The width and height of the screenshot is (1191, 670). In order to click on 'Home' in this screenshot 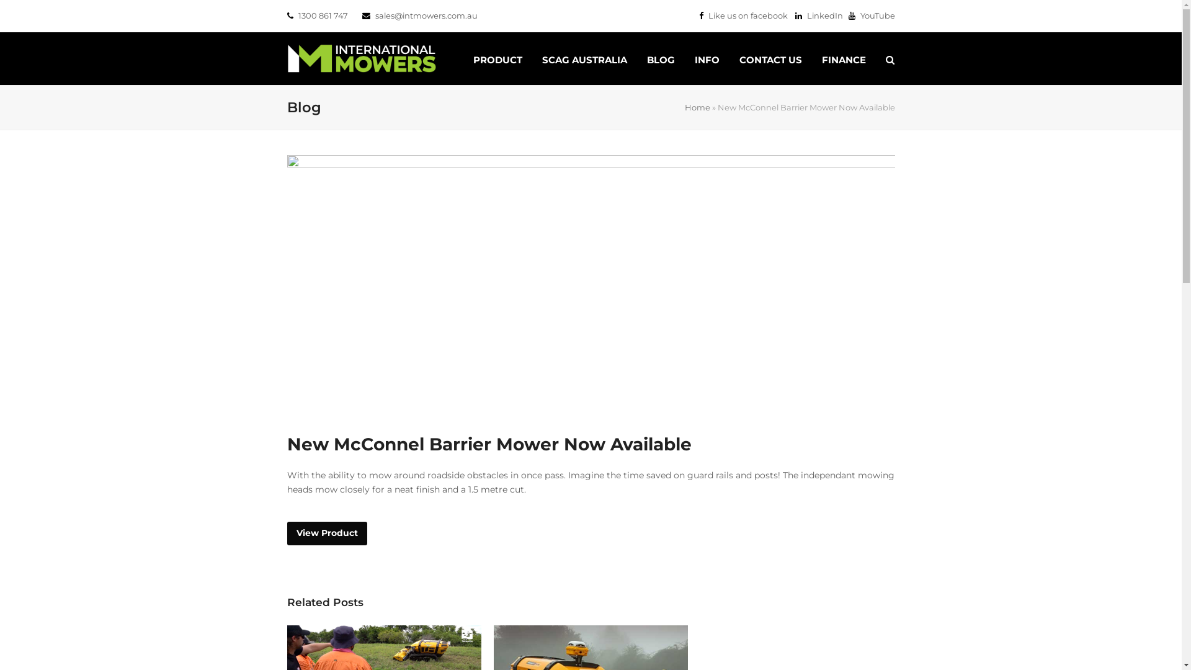, I will do `click(697, 107)`.